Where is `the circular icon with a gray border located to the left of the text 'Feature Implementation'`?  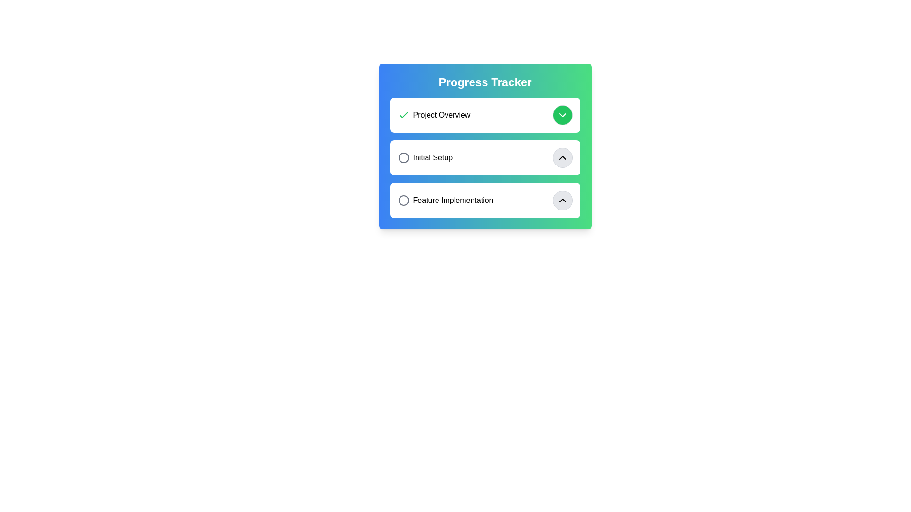 the circular icon with a gray border located to the left of the text 'Feature Implementation' is located at coordinates (403, 200).